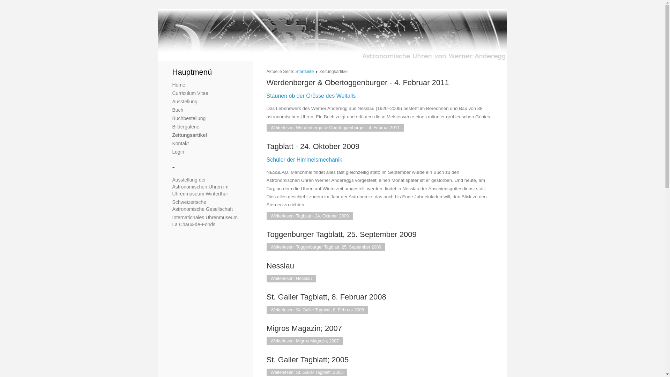 The image size is (670, 377). Describe the element at coordinates (317, 309) in the screenshot. I see `'Weiterlesen: St. Galler Tagblatt, 8. Februar 2008'` at that location.